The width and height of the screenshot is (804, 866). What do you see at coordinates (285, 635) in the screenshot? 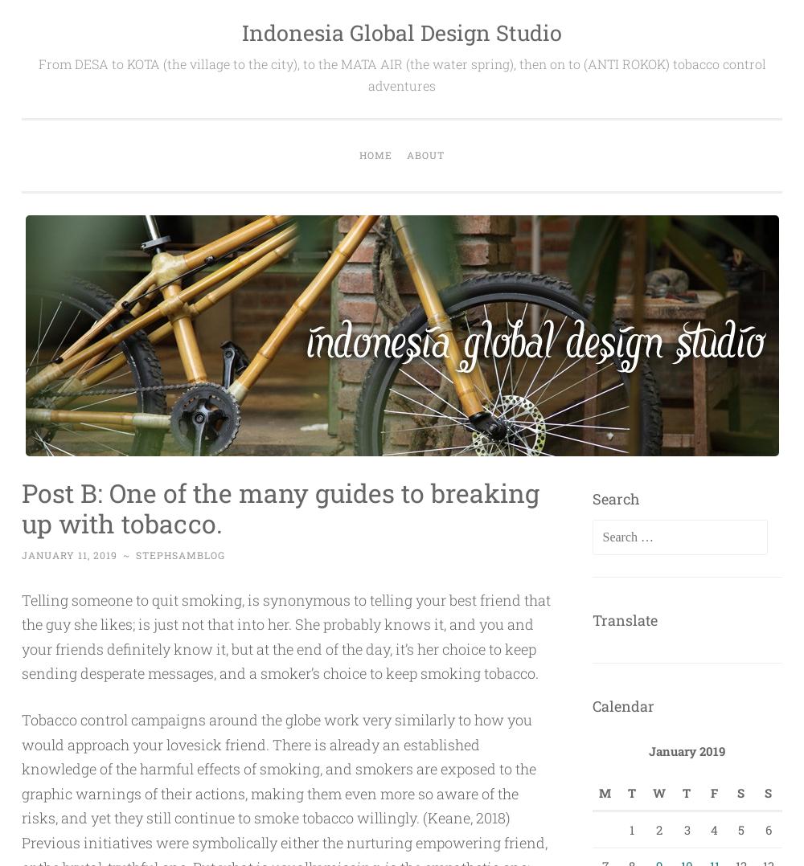
I see `'Telling someone to quit smoking, is synonymous to telling your best friend that the guy she likes; is just not that into her. She probably knows it, and you and your friends definitely know it, but at the end of the day, it’s her choice to keep sending desperate messages, and a smoker’s choice to keep smoking tobacco.'` at bounding box center [285, 635].